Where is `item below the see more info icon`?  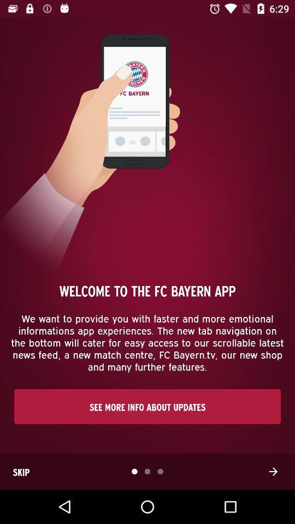
item below the see more info icon is located at coordinates (21, 471).